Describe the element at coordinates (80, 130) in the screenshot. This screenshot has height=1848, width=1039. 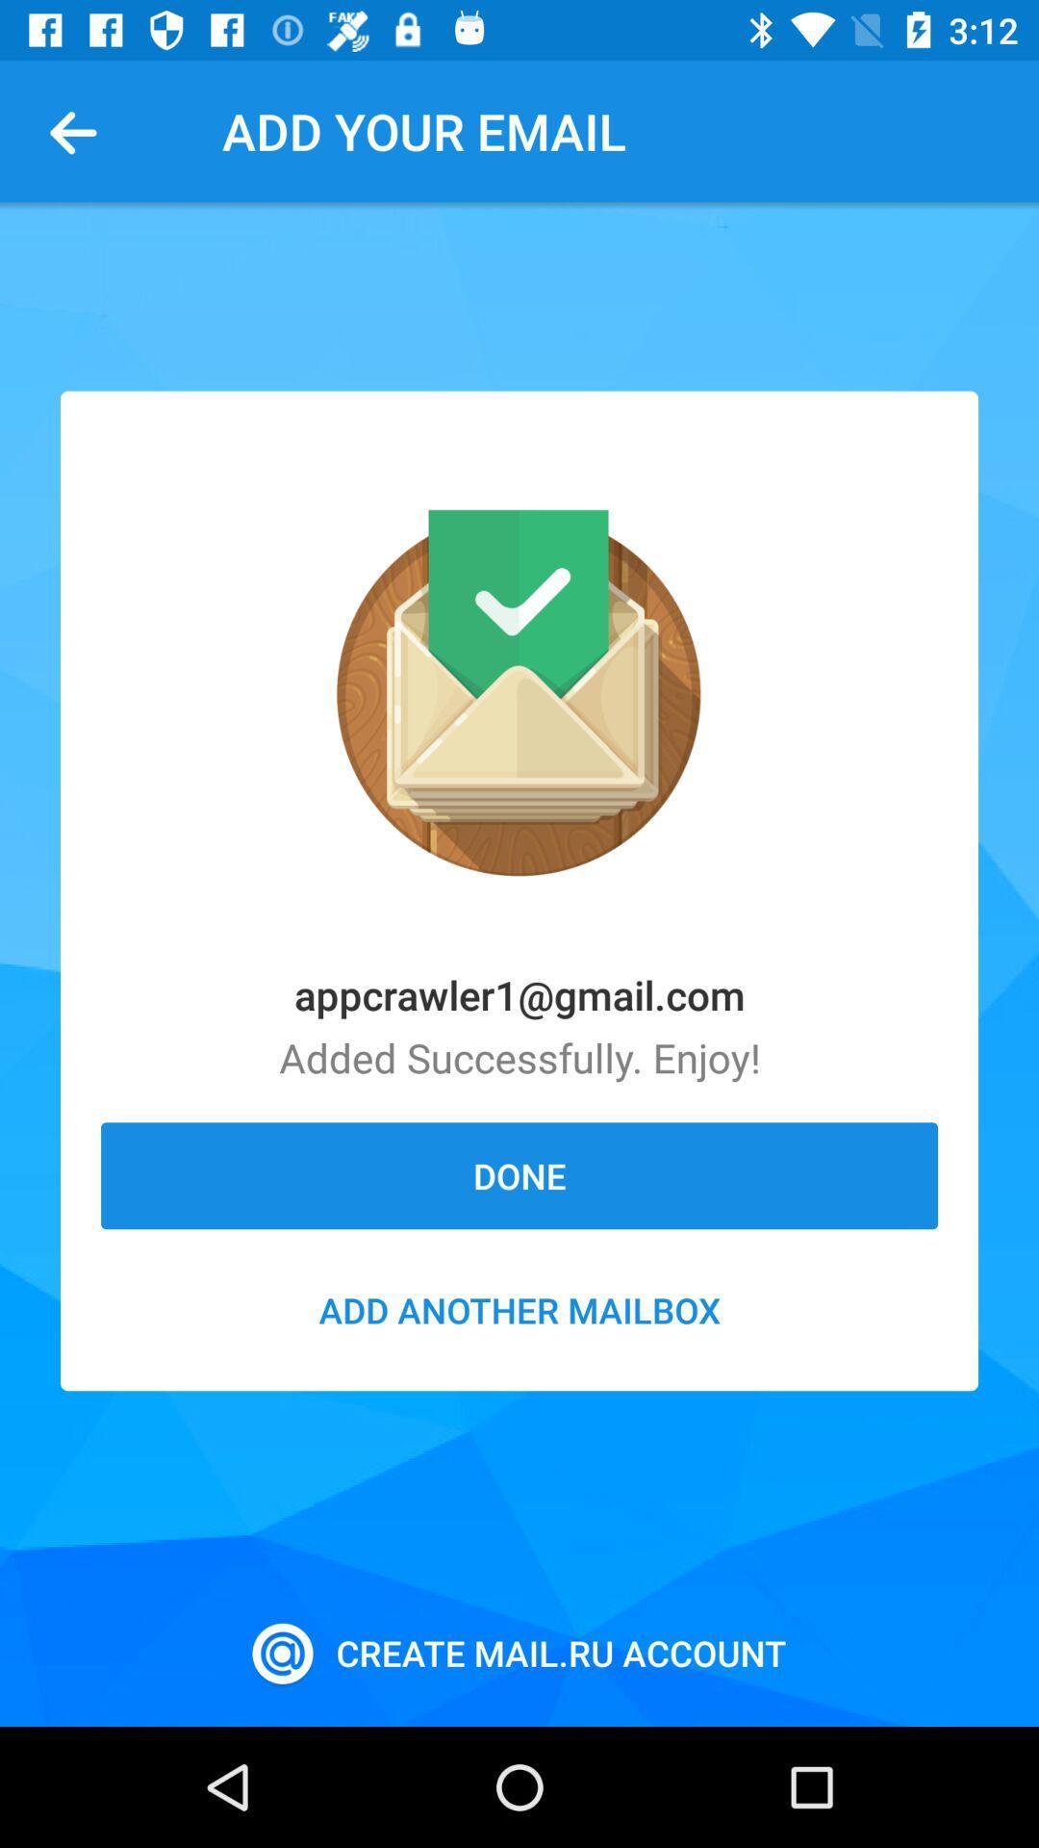
I see `the item next to add your email item` at that location.